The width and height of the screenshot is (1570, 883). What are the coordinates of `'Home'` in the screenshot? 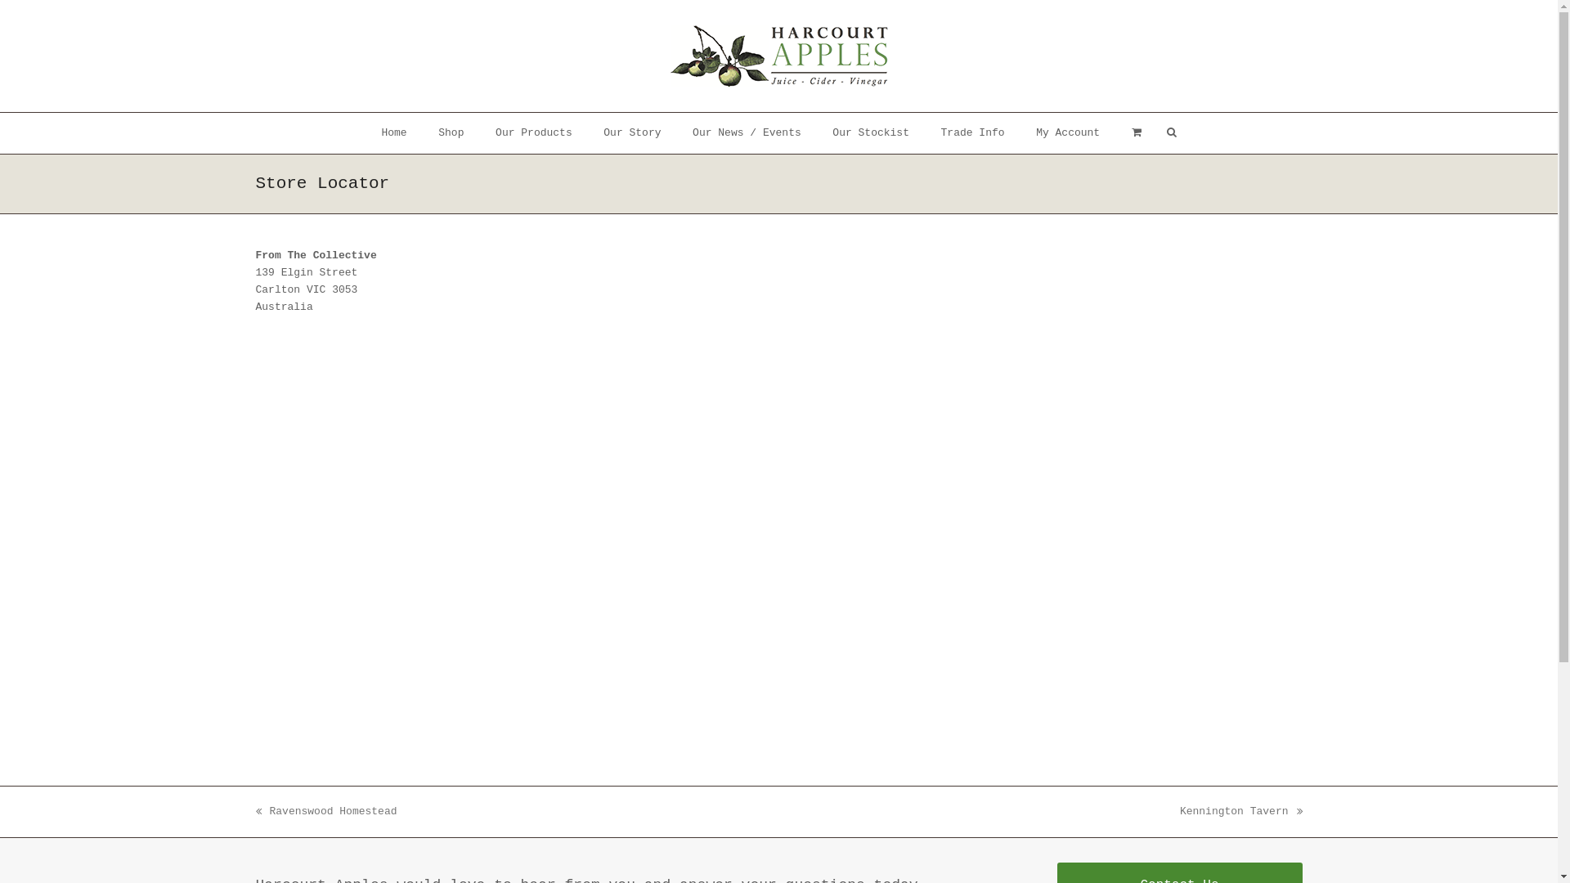 It's located at (393, 132).